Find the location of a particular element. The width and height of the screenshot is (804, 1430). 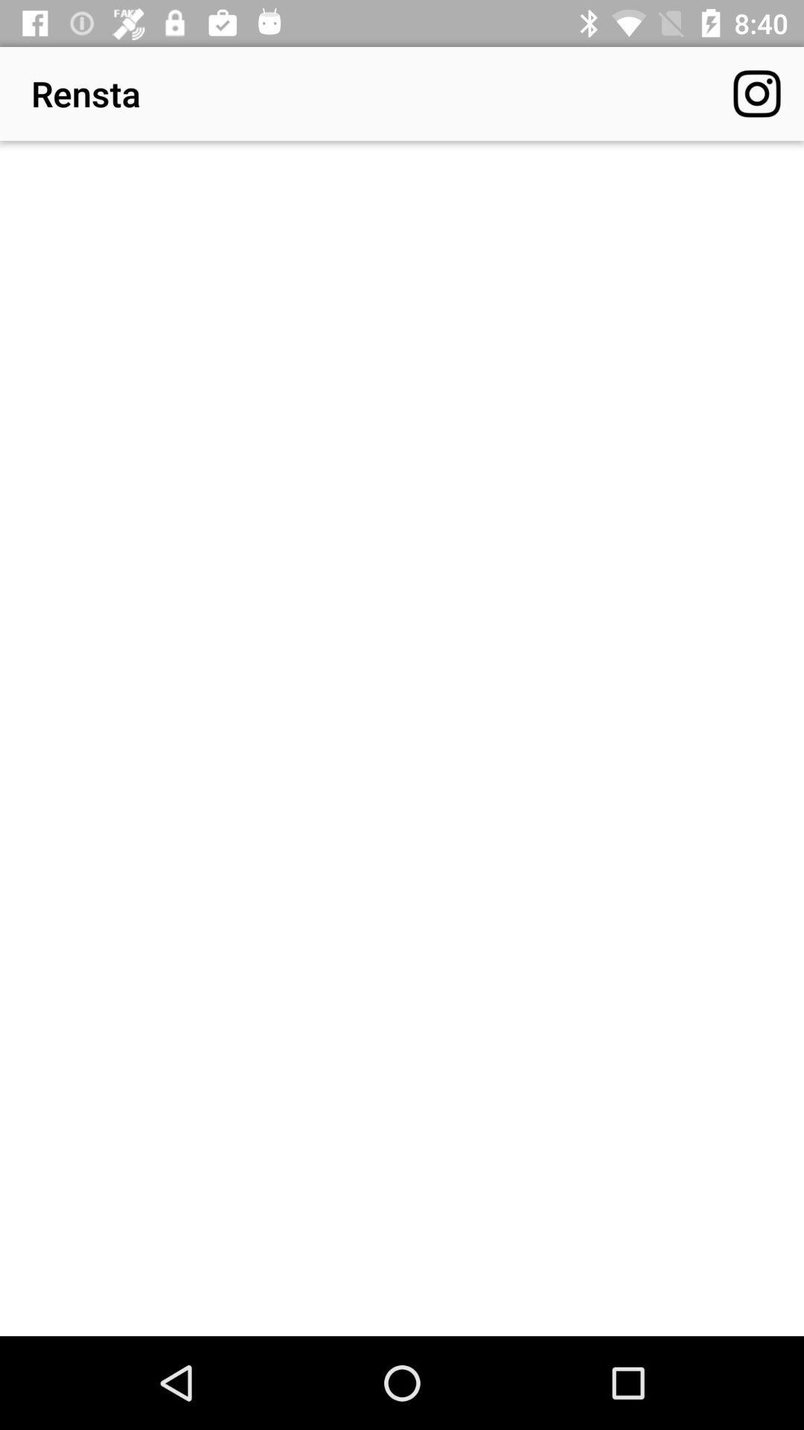

item to the right of rensta icon is located at coordinates (757, 92).